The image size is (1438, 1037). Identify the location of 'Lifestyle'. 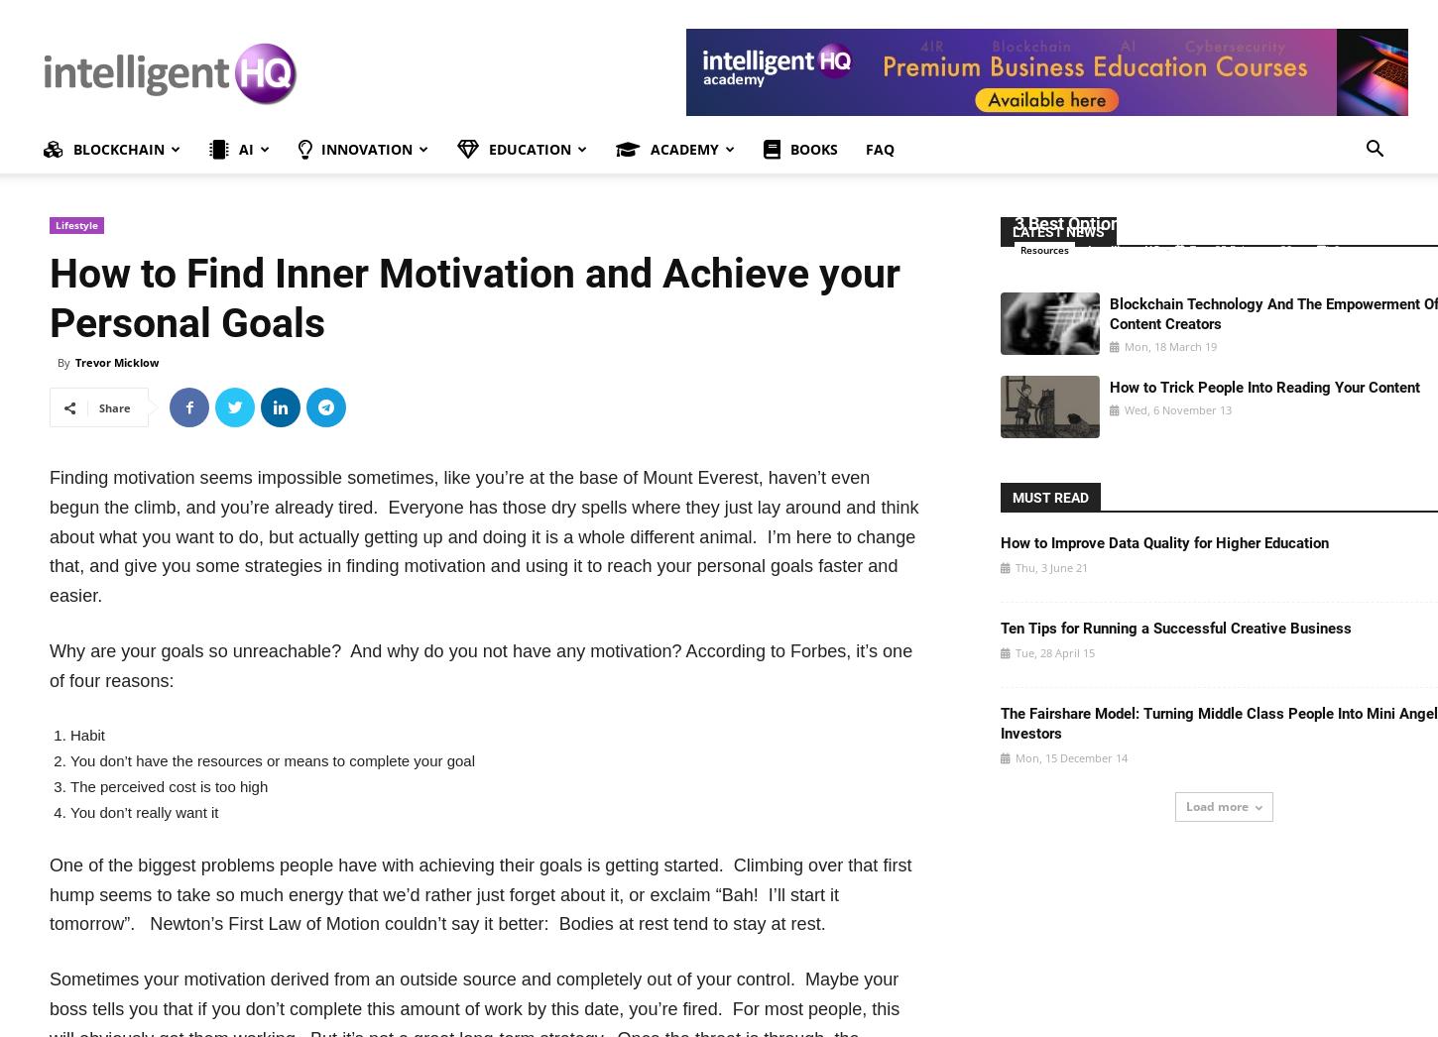
(76, 223).